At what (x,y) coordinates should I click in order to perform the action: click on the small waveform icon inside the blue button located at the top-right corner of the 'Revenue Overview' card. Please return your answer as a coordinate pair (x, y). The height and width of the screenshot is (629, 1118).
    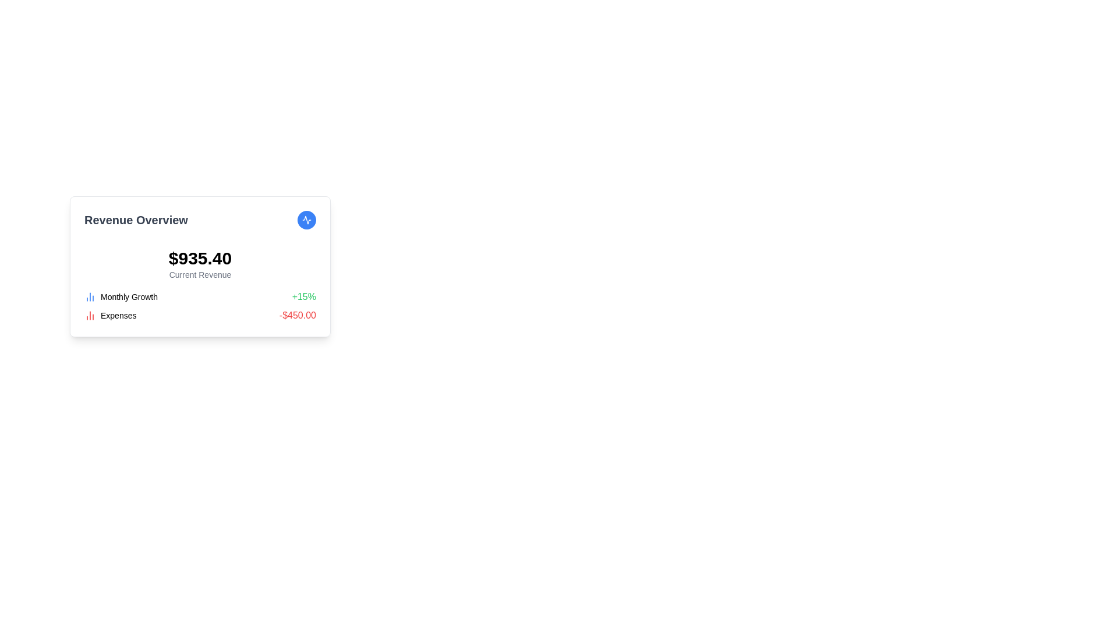
    Looking at the image, I should click on (307, 220).